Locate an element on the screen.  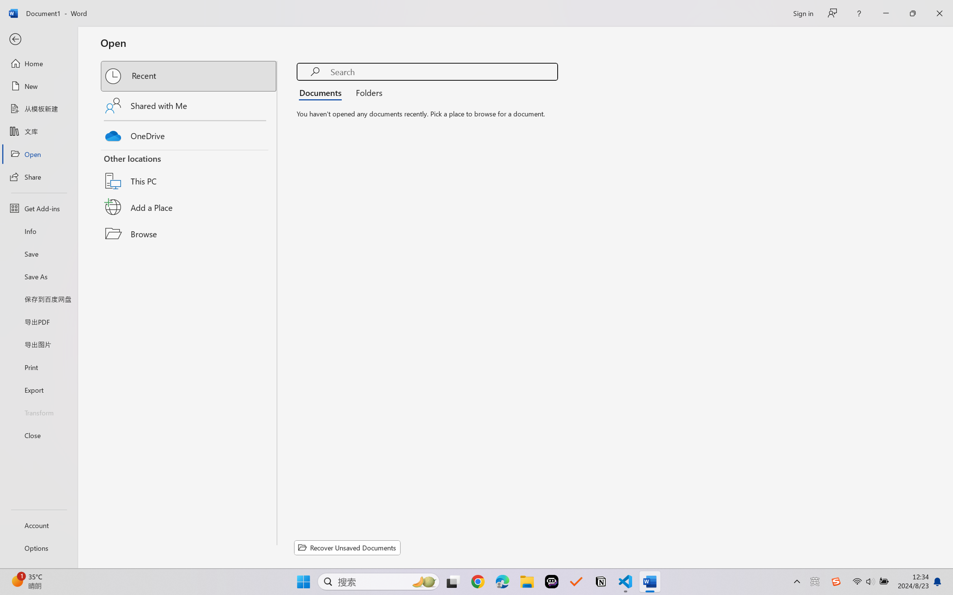
'Shared with Me' is located at coordinates (189, 105).